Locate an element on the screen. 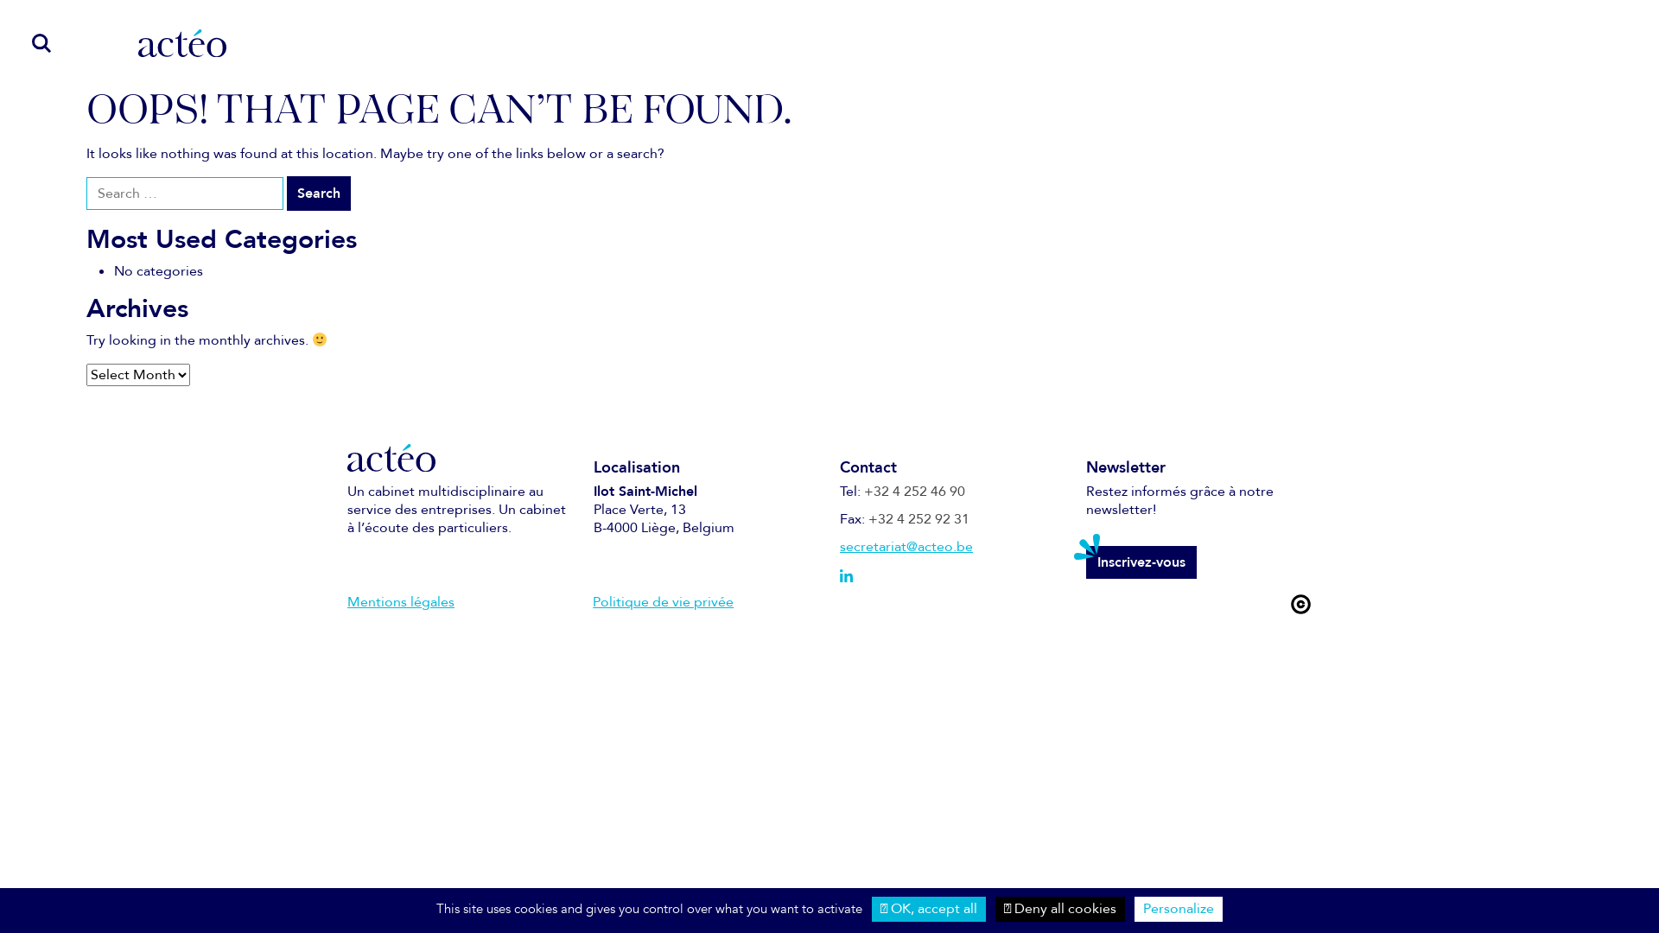 The image size is (1659, 933). 'Inscrivez-vous' is located at coordinates (1141, 562).